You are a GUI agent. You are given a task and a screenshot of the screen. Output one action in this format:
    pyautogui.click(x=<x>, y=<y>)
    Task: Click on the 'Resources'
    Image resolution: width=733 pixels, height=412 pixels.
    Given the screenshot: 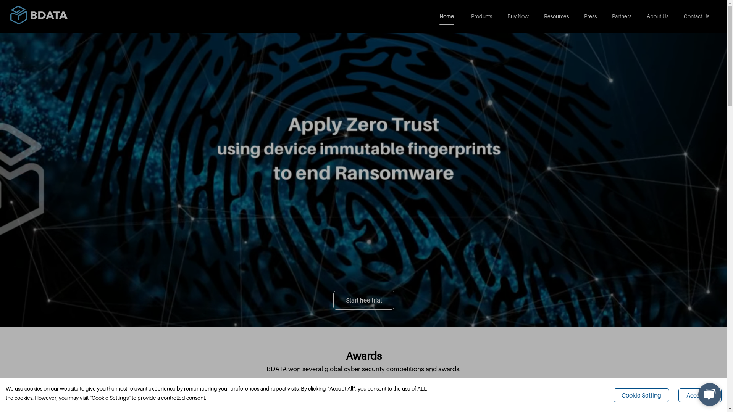 What is the action you would take?
    pyautogui.click(x=556, y=16)
    